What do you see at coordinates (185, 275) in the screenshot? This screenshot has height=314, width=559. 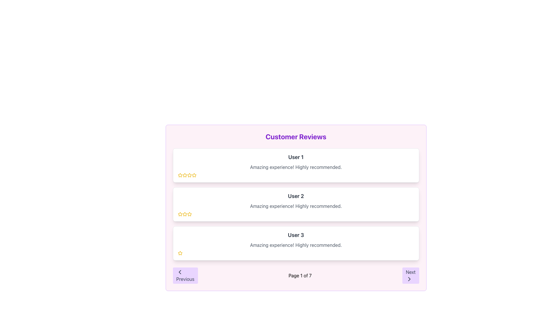 I see `the navigation button that takes the user to the previous page, located at the bottom left of the navigation section, left of 'Page 1 of 7' and horizontally aligned with the 'Next' button, but note that it is currently disabled` at bounding box center [185, 275].